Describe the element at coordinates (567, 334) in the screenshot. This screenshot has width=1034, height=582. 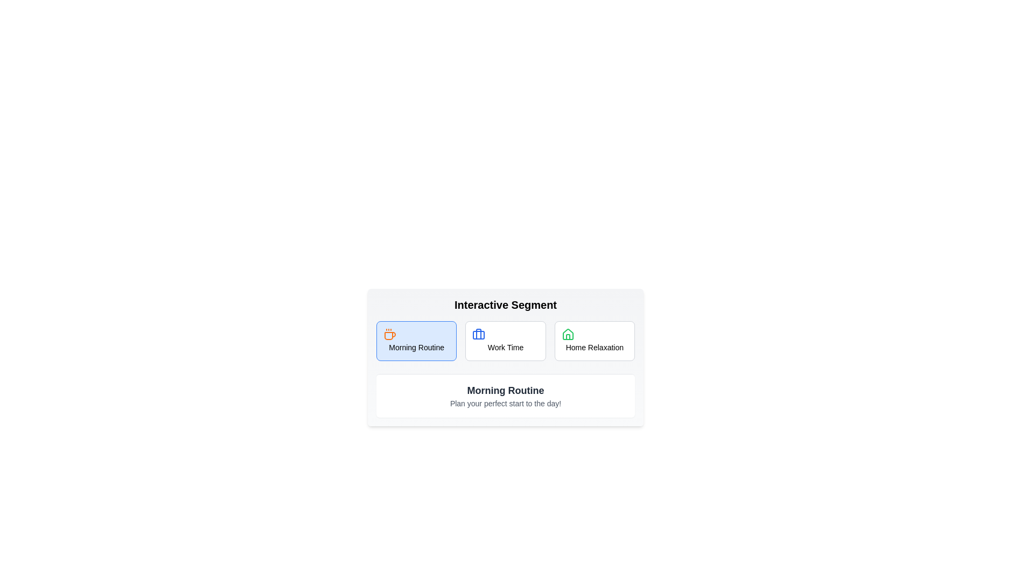
I see `the main body of the house icon, which is the lower green rectangular structure associated with the 'Home Relaxation' option` at that location.